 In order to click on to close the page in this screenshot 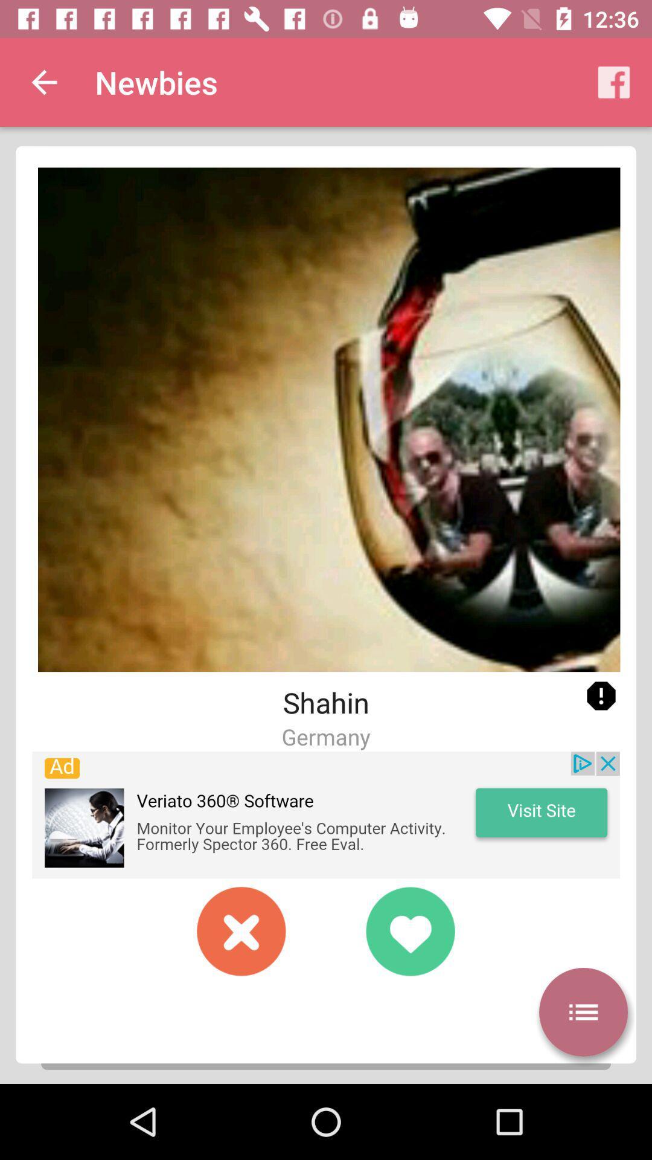, I will do `click(241, 930)`.